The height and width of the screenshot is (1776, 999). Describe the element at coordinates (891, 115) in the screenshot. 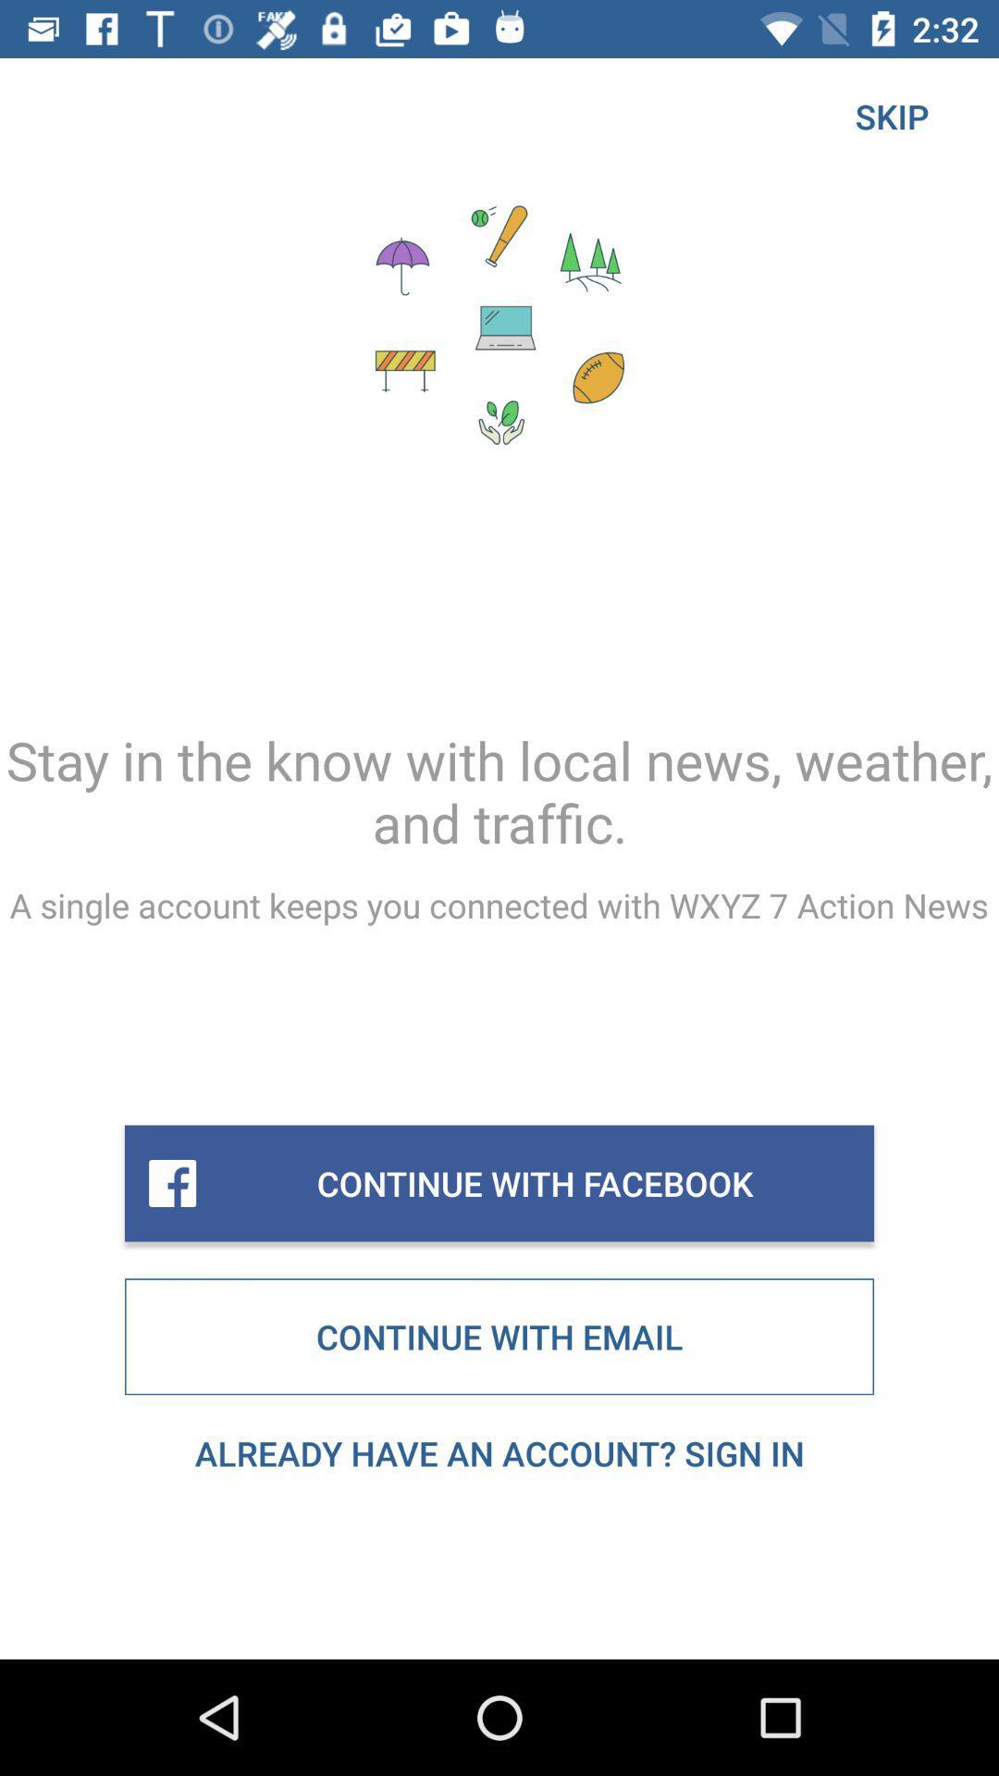

I see `the item above stay in the` at that location.